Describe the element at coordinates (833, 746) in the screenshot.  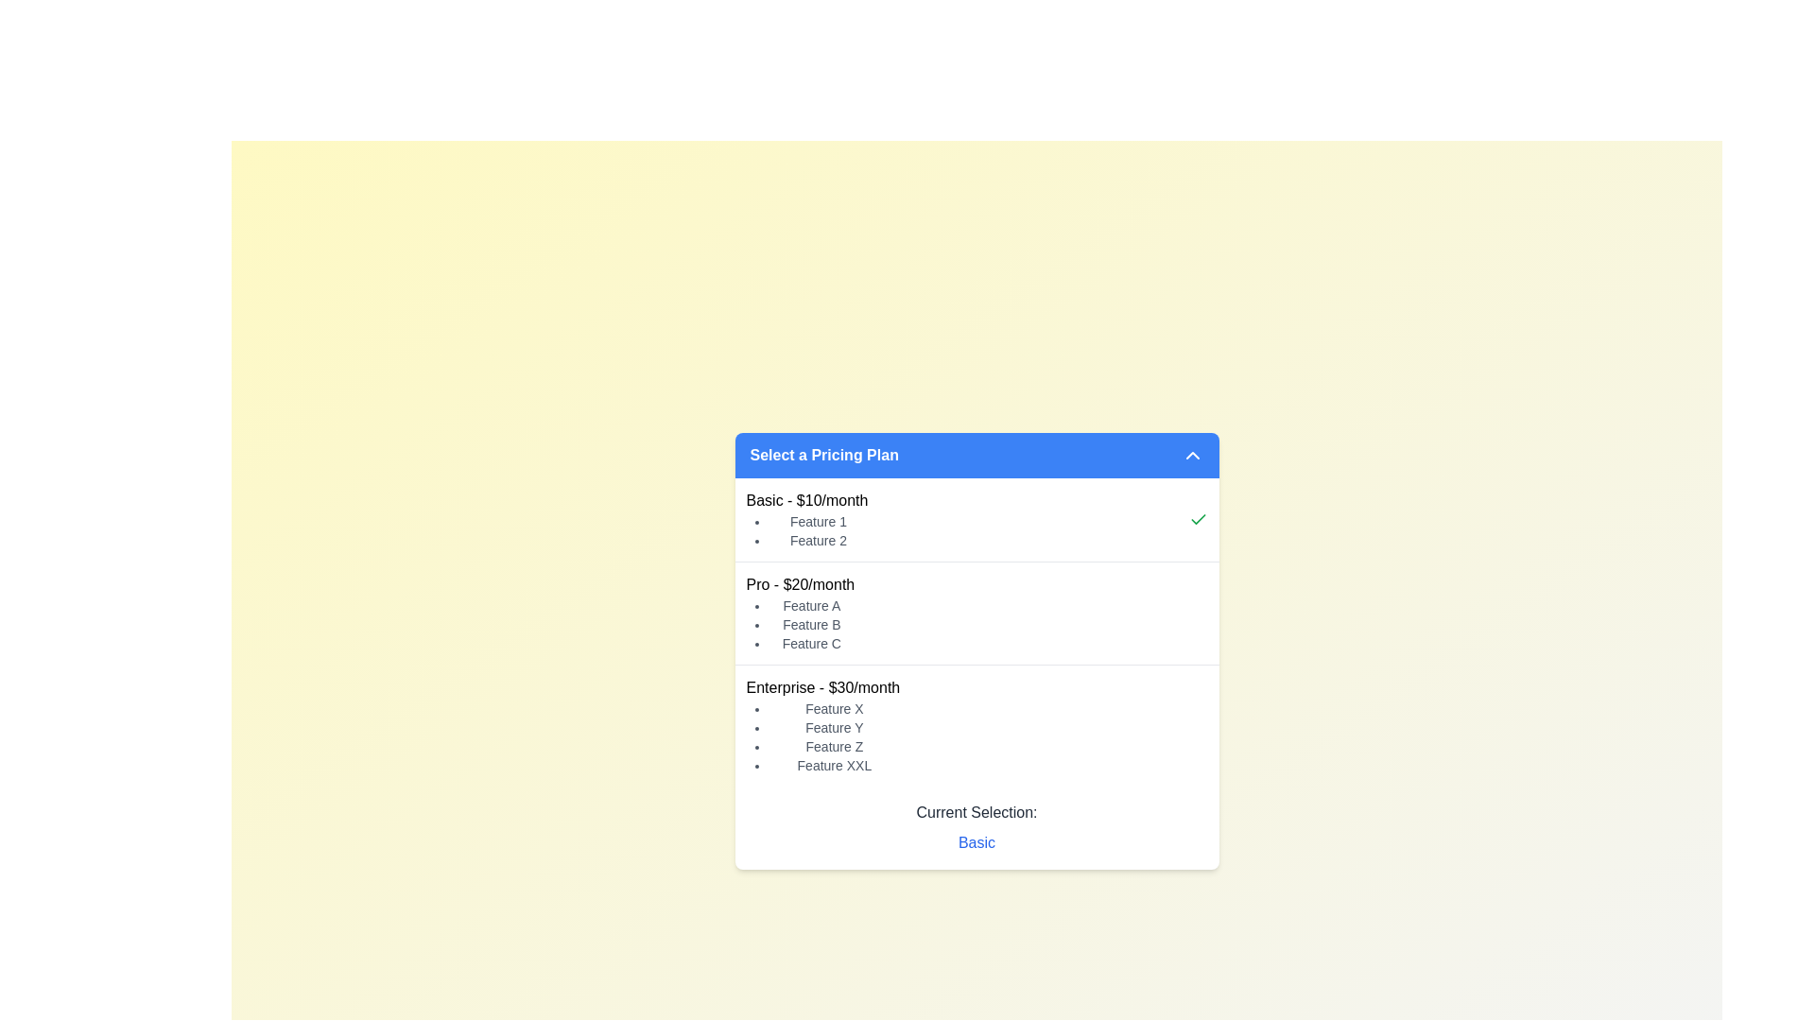
I see `the text item displaying 'Feature Z' in the bullet list under the 'Enterprise - $30/month' section, which is the third item in the list` at that location.